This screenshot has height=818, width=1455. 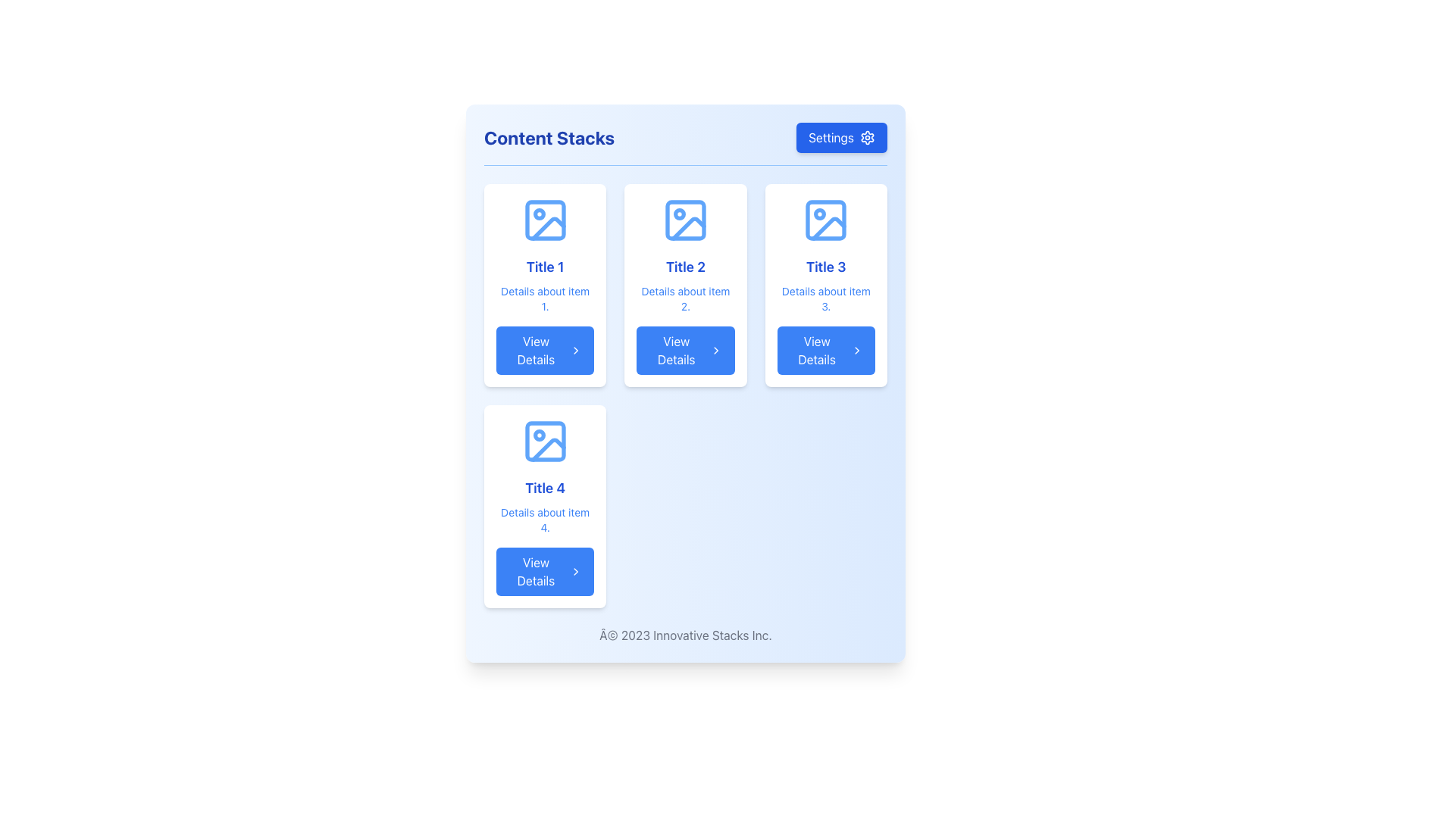 What do you see at coordinates (684, 298) in the screenshot?
I see `the static text label displaying 'Details about item 2.' which is positioned below the heading 'Title 2' and above the button labeled 'View Details.'` at bounding box center [684, 298].